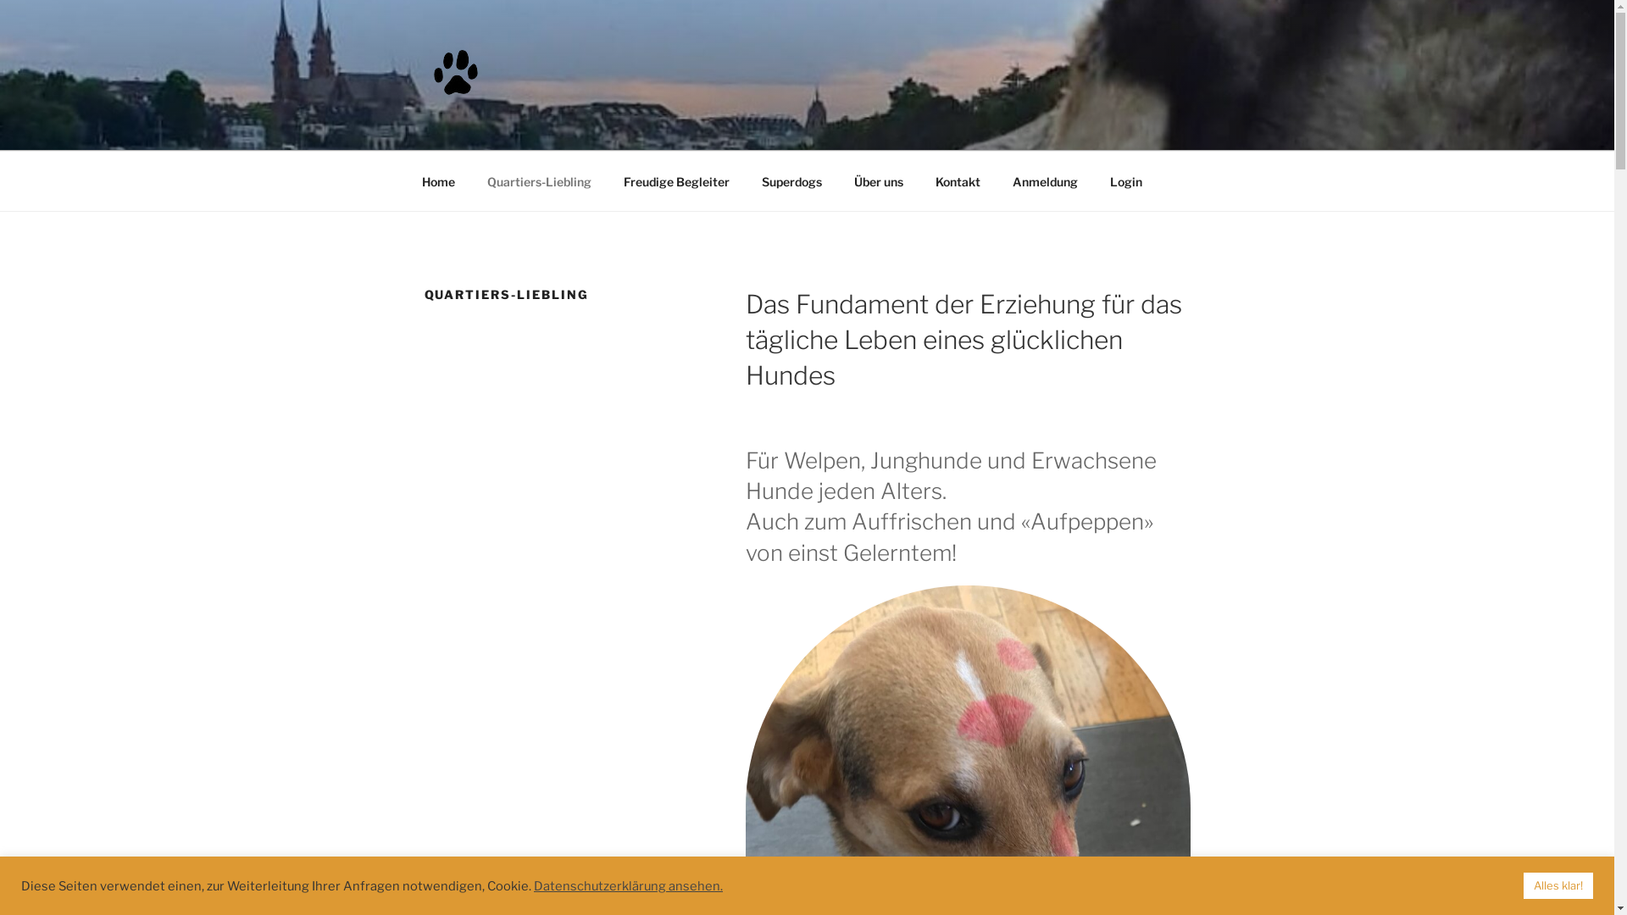 The image size is (1627, 915). Describe the element at coordinates (539, 181) in the screenshot. I see `'Quartiers-Liebling'` at that location.